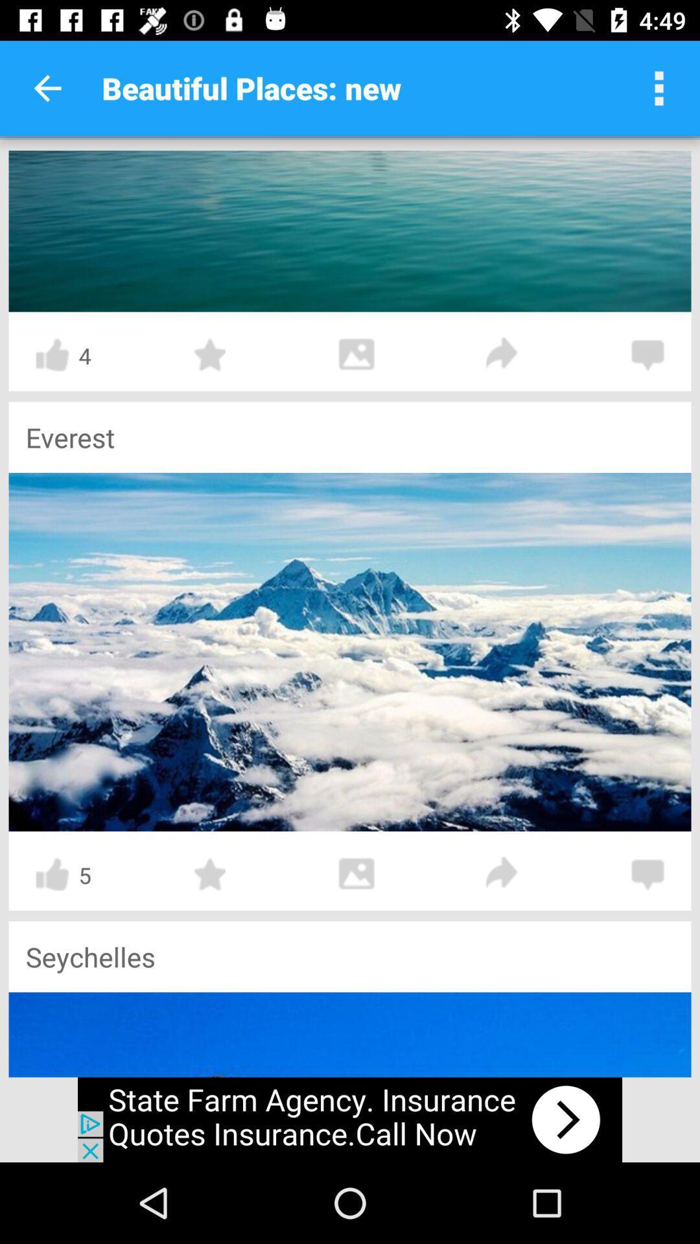 This screenshot has width=700, height=1244. What do you see at coordinates (210, 874) in the screenshot?
I see `favorites` at bounding box center [210, 874].